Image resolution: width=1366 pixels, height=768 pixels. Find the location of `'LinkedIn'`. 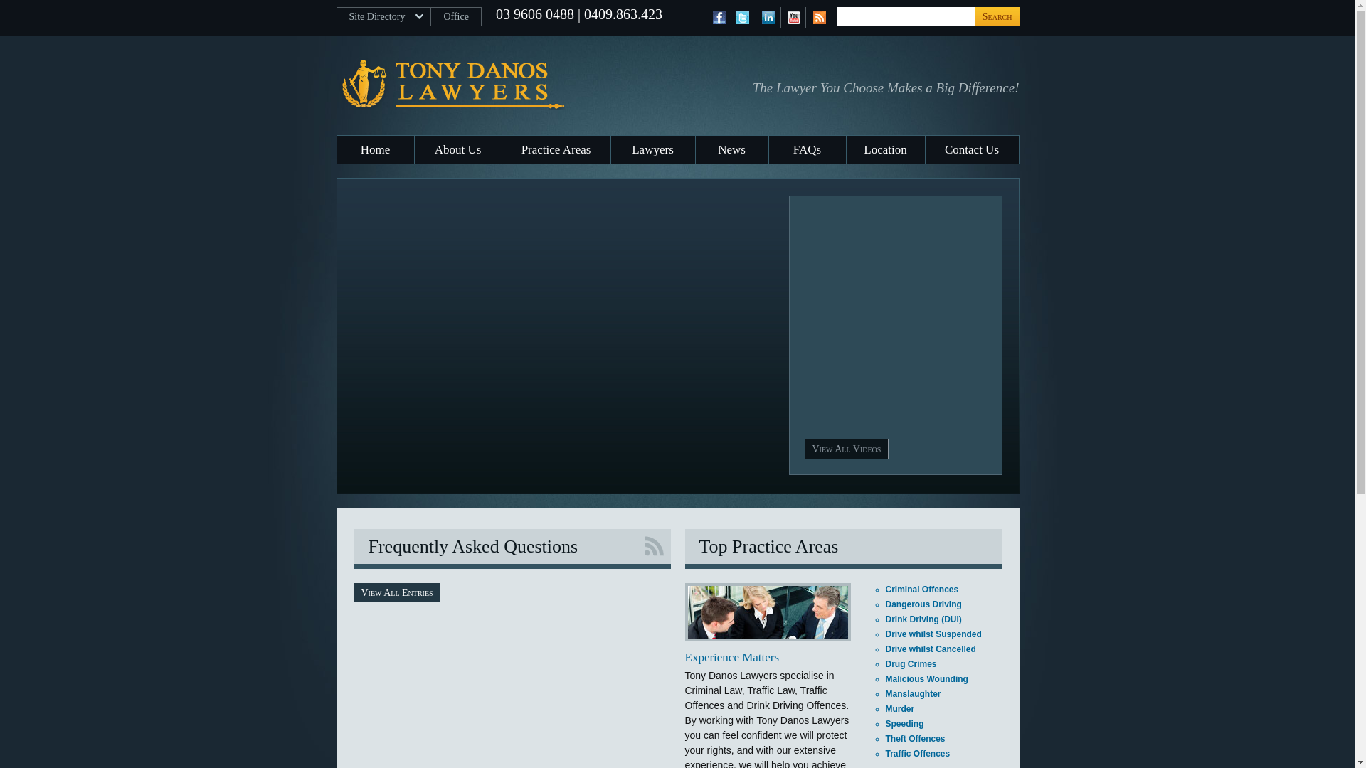

'LinkedIn' is located at coordinates (768, 17).